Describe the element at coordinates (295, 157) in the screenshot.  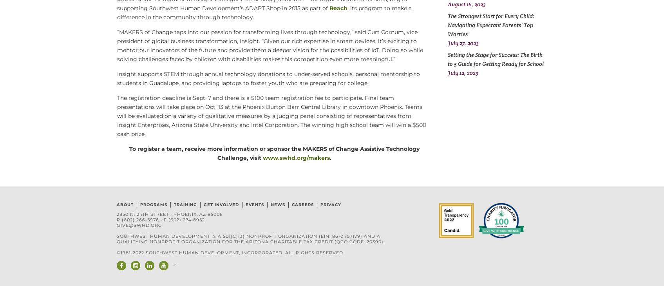
I see `'www.swhd.org/makers'` at that location.